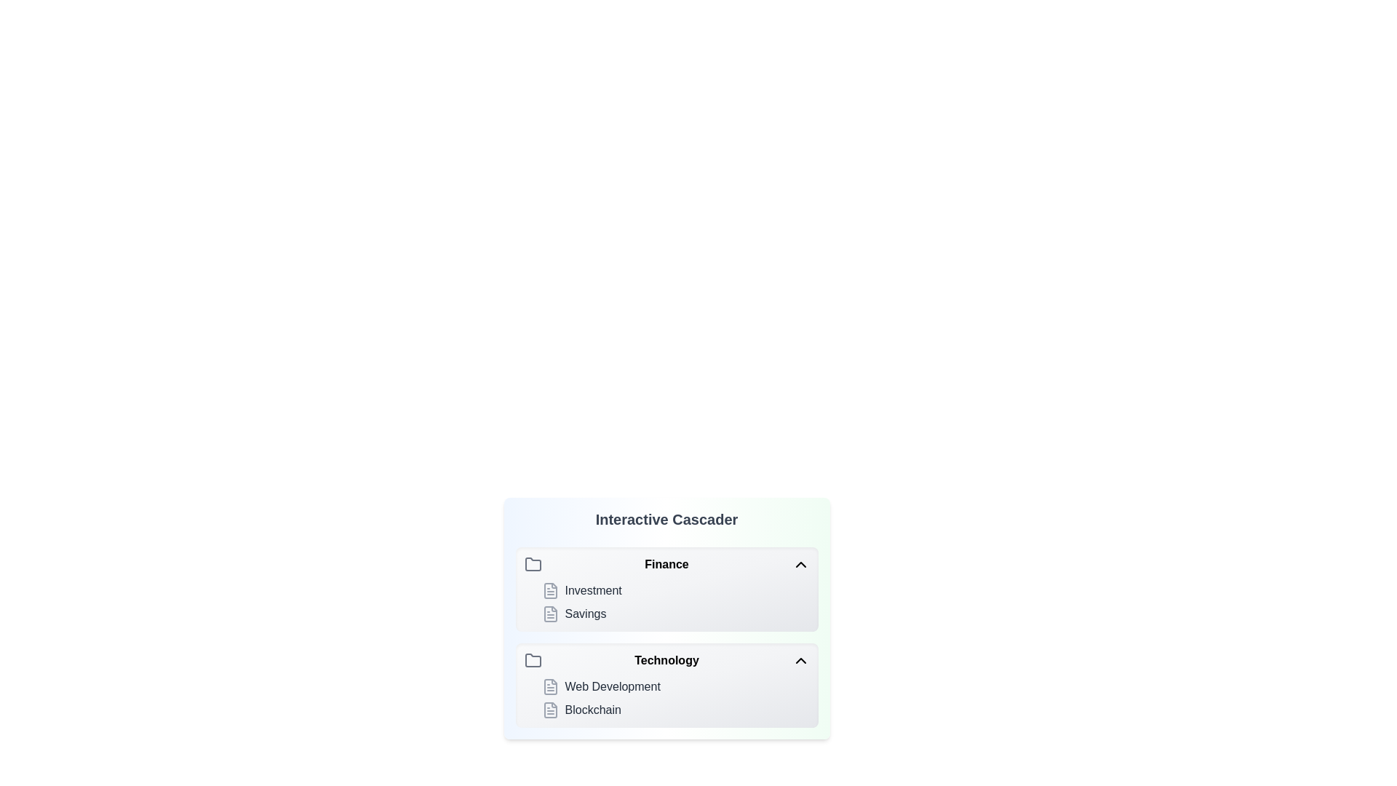 This screenshot has width=1397, height=786. I want to click on 'Technology' text label, which is styled in bold font and located centrally in the second collapsible section of the cascading menu, positioned between a folder icon and a dropdown arrow, so click(666, 660).